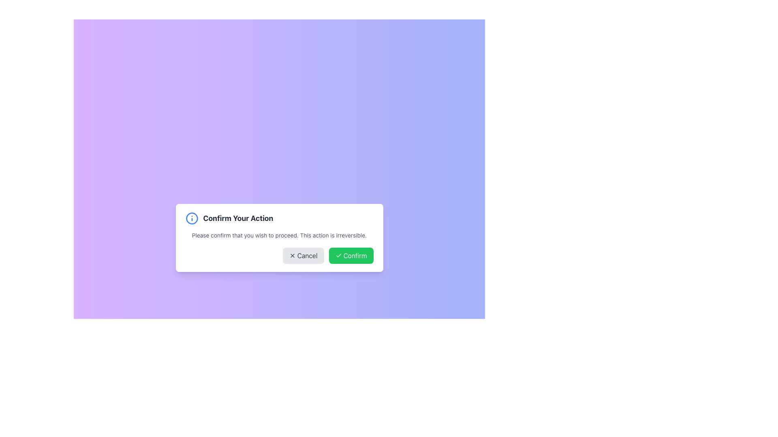 The width and height of the screenshot is (778, 437). What do you see at coordinates (191, 218) in the screenshot?
I see `the informational icon located to the left of the 'Confirm Your Action' text within the panel of the dialog box` at bounding box center [191, 218].